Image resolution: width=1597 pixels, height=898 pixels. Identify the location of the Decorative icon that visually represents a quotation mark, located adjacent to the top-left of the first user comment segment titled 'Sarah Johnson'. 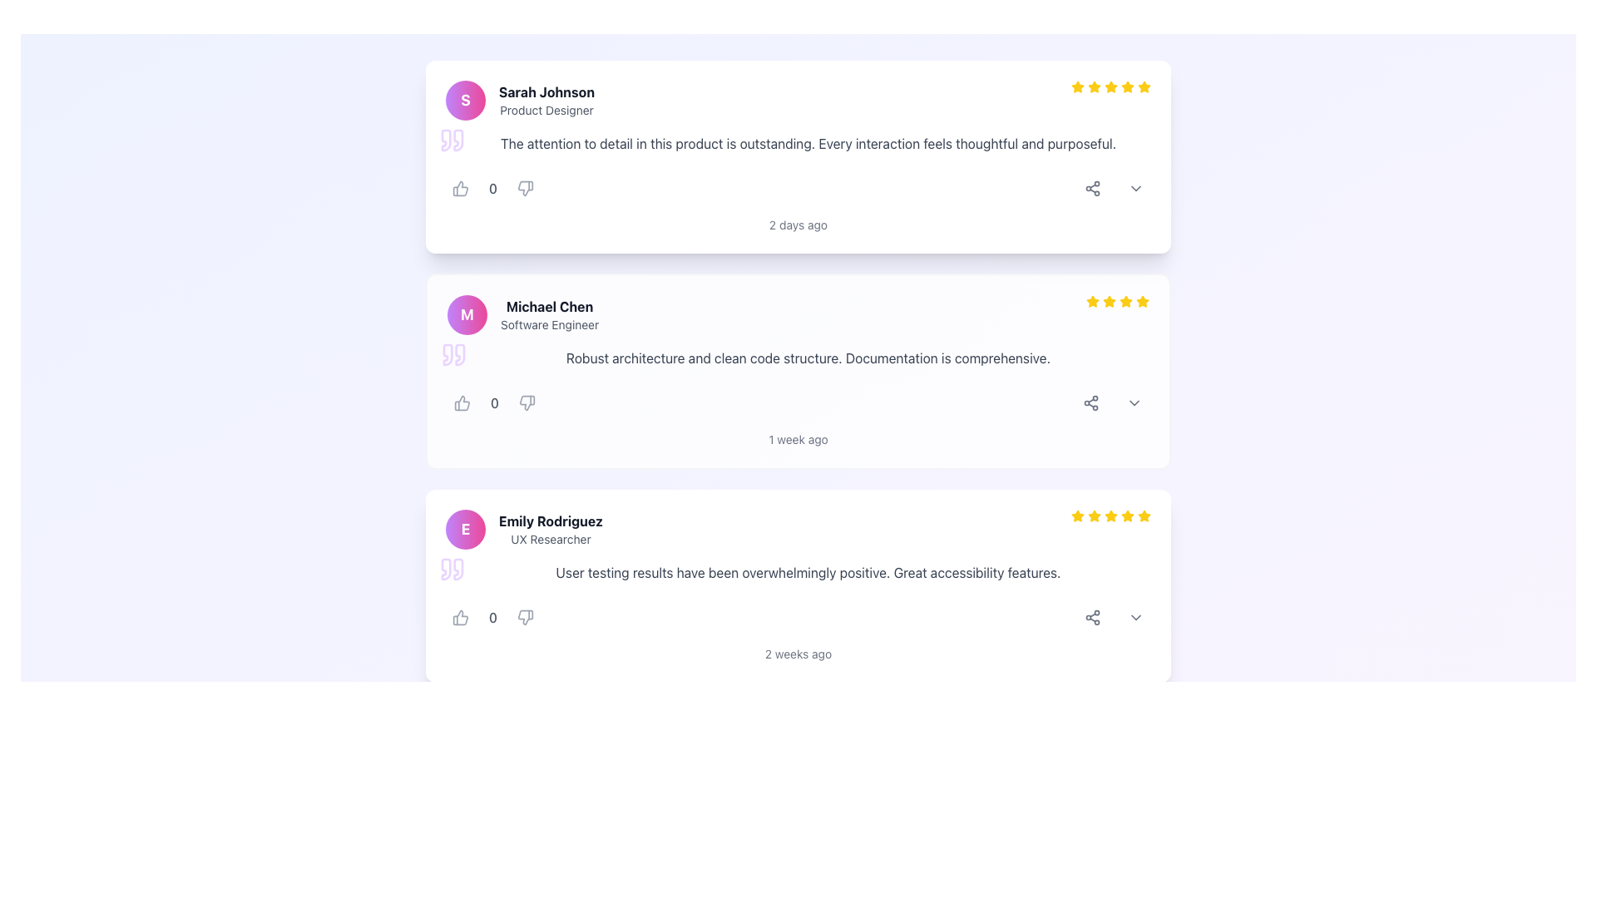
(446, 140).